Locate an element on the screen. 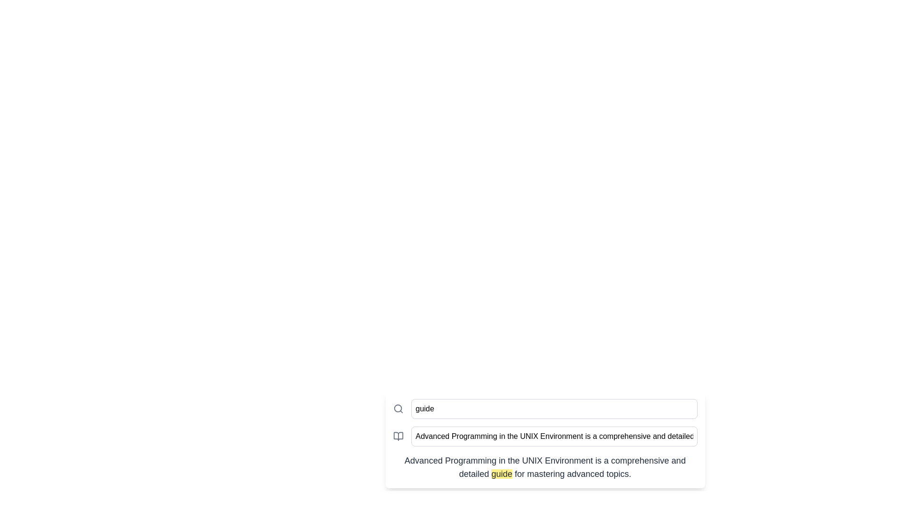  text element labeled 'guide', which has a yellow background and black text, located near the center of the paragraph is located at coordinates (501, 474).